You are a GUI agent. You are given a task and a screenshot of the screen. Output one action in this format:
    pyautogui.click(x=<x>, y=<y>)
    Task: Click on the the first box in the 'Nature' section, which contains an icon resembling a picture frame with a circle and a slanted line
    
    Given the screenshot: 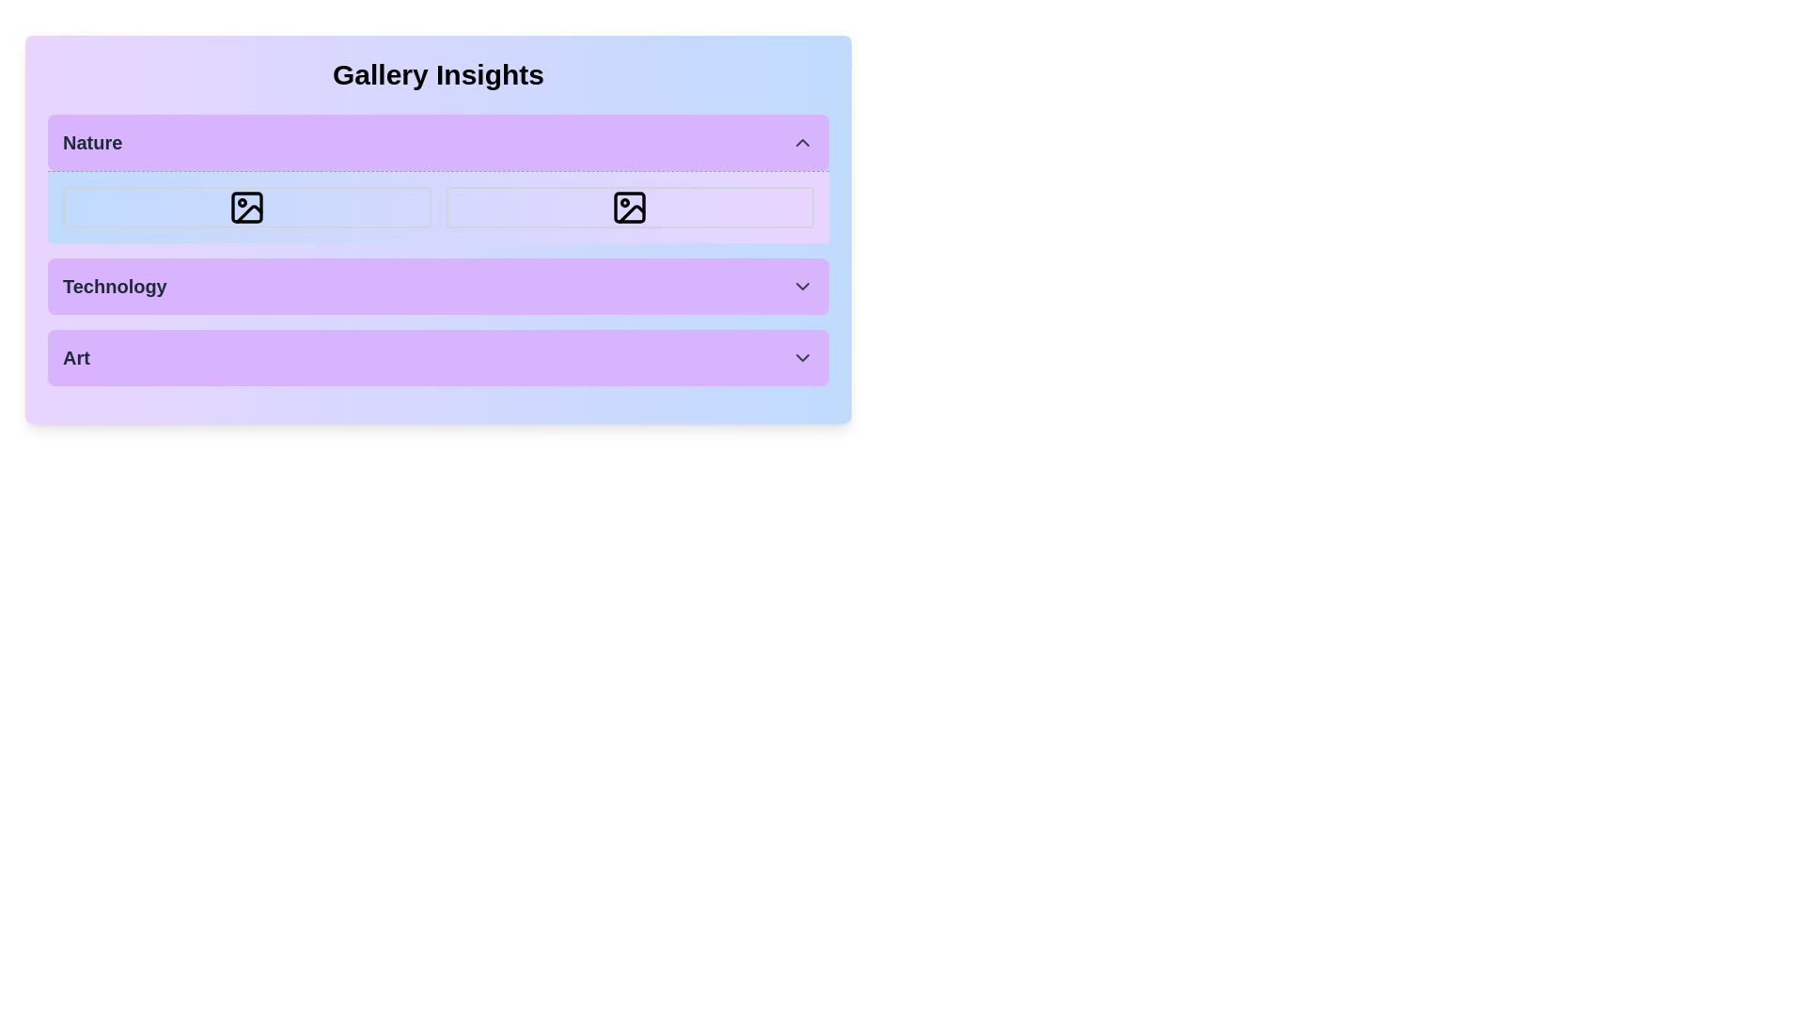 What is the action you would take?
    pyautogui.click(x=245, y=207)
    